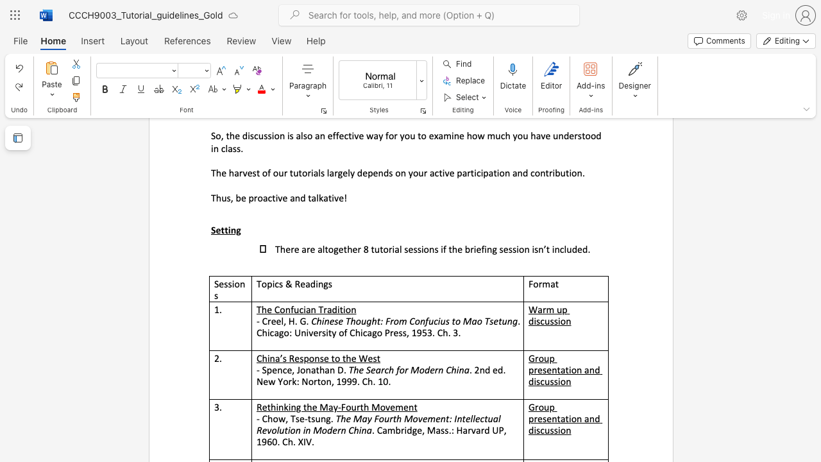 Image resolution: width=821 pixels, height=462 pixels. I want to click on the subset text "onfucius to M" within the text "Chinese Thought: From Confucius to Mao Tsetung", so click(414, 320).